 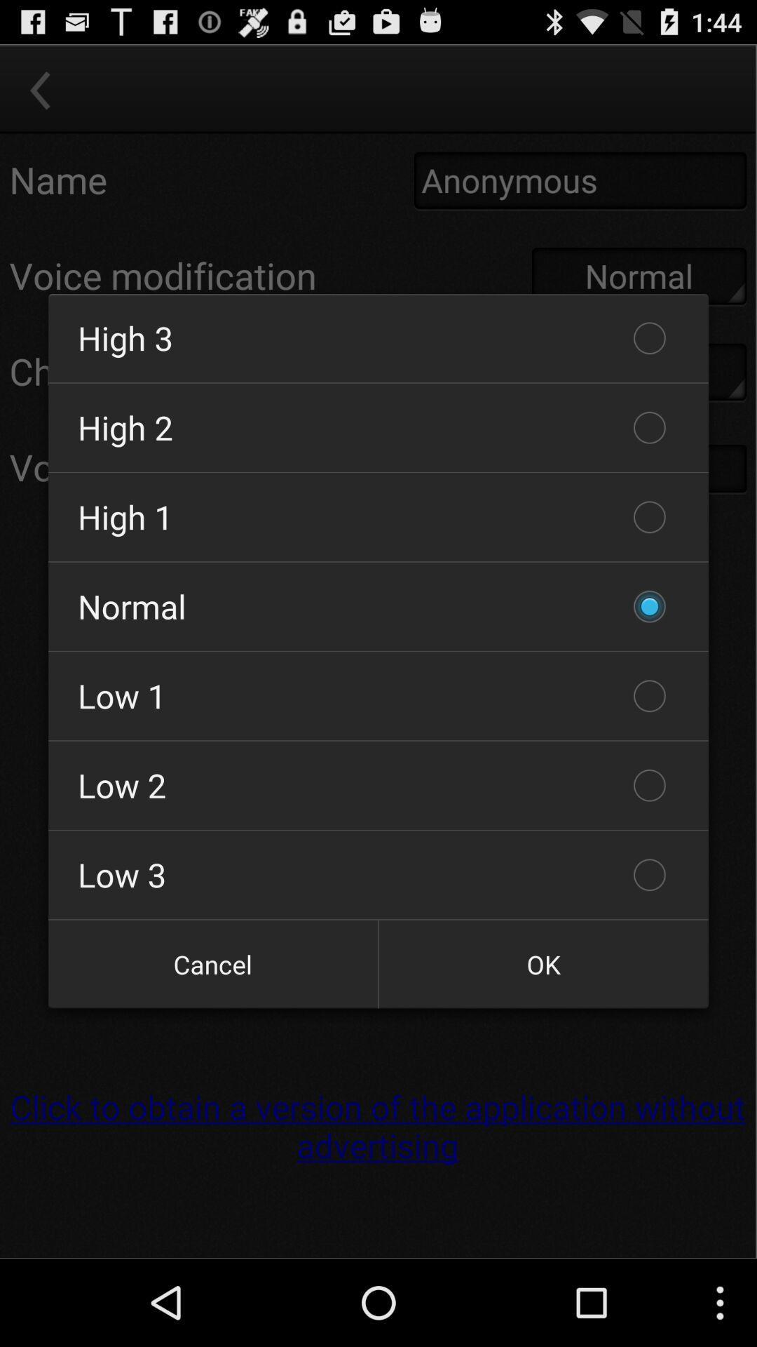 What do you see at coordinates (543, 963) in the screenshot?
I see `the ok item` at bounding box center [543, 963].